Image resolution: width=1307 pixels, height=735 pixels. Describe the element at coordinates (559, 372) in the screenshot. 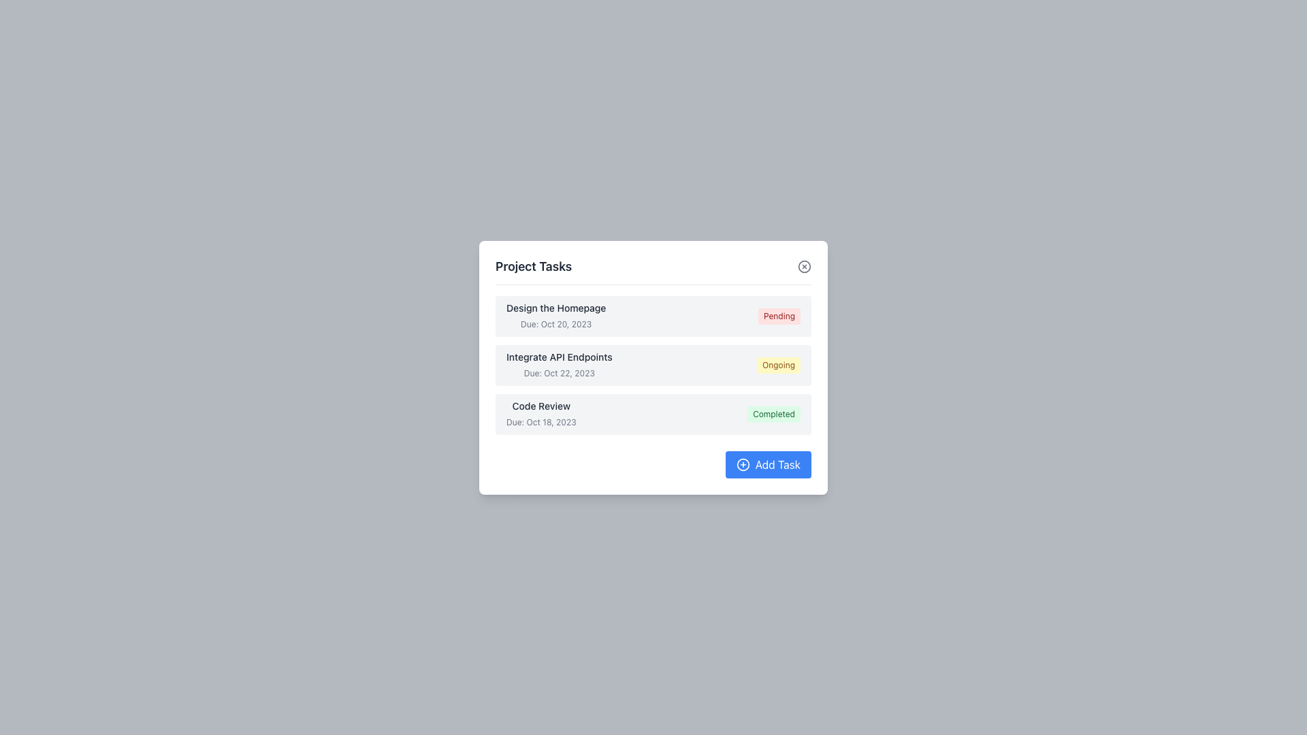

I see `text label that displays 'Due: Oct 22, 2023', which is located in the second task row under the title 'Integrate API Endpoints'` at that location.